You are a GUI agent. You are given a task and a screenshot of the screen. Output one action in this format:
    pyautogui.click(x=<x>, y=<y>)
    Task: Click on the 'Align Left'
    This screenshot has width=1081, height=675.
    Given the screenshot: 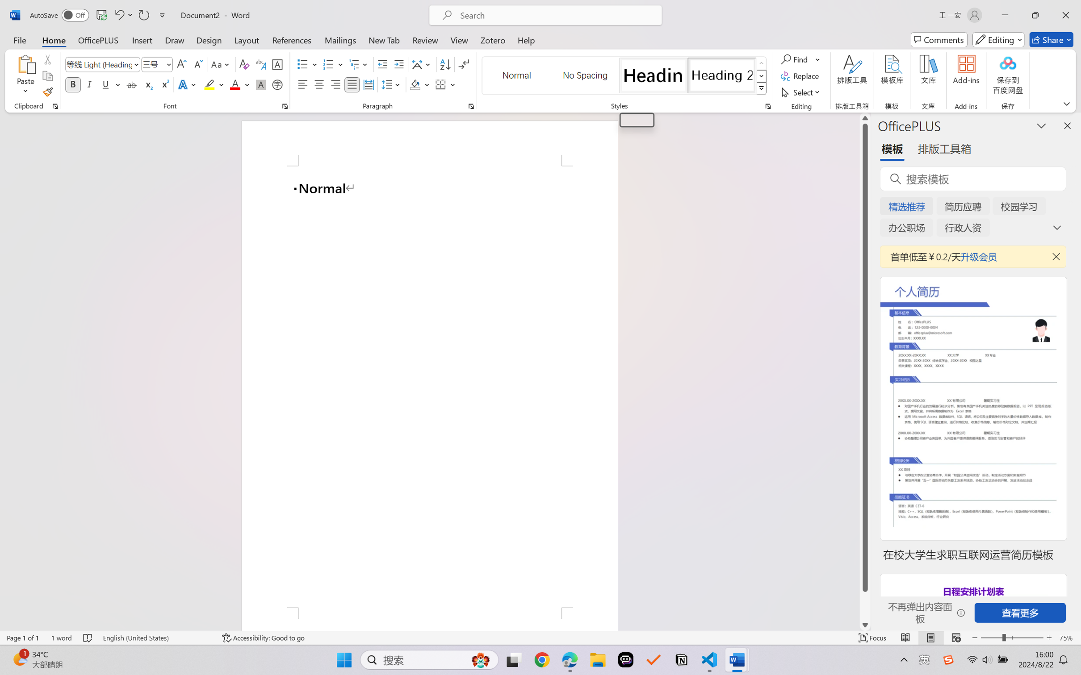 What is the action you would take?
    pyautogui.click(x=302, y=84)
    